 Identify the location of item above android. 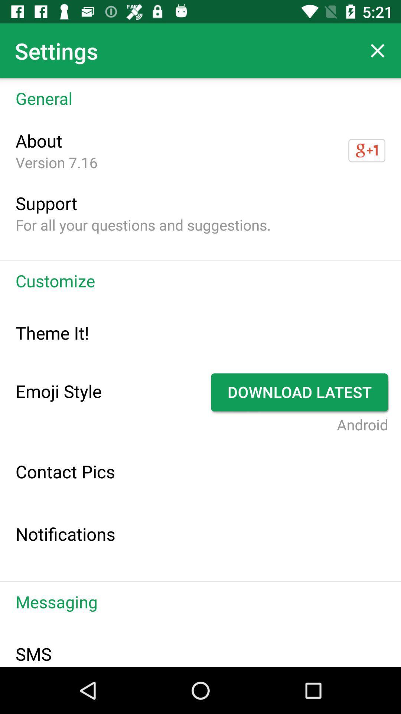
(300, 392).